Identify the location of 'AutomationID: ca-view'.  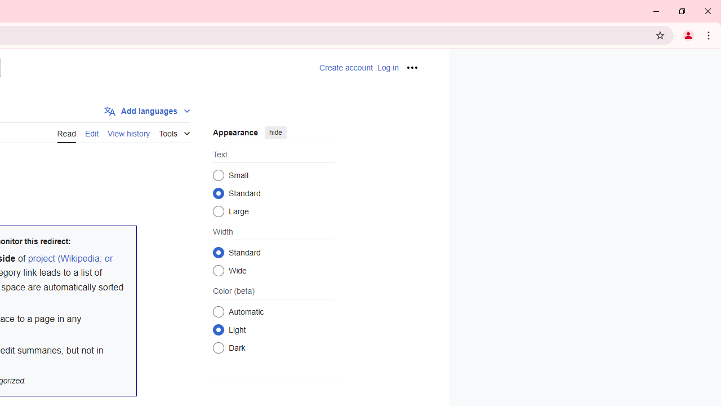
(65, 131).